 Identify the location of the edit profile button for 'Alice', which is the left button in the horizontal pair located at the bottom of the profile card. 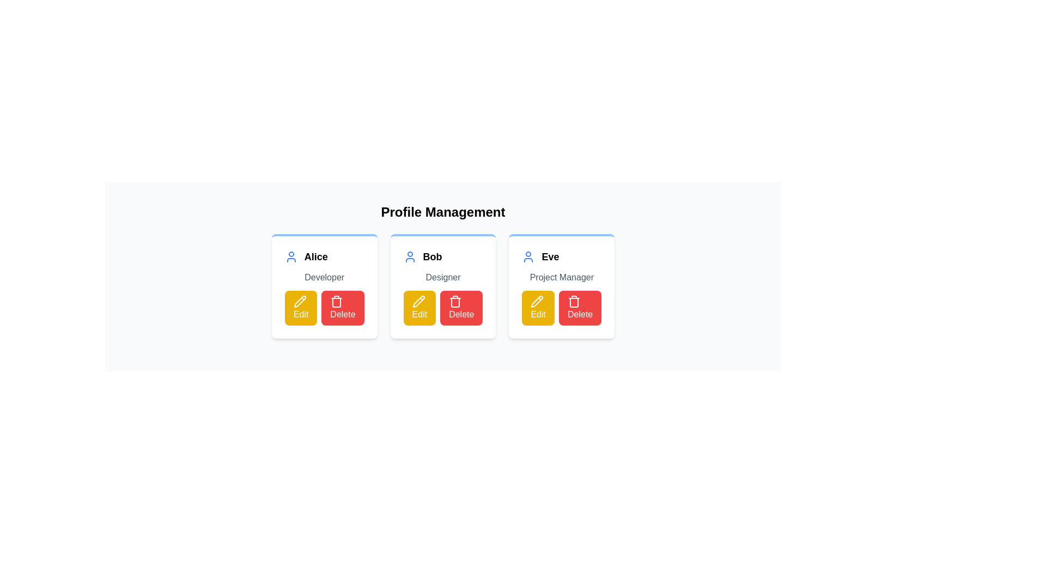
(301, 308).